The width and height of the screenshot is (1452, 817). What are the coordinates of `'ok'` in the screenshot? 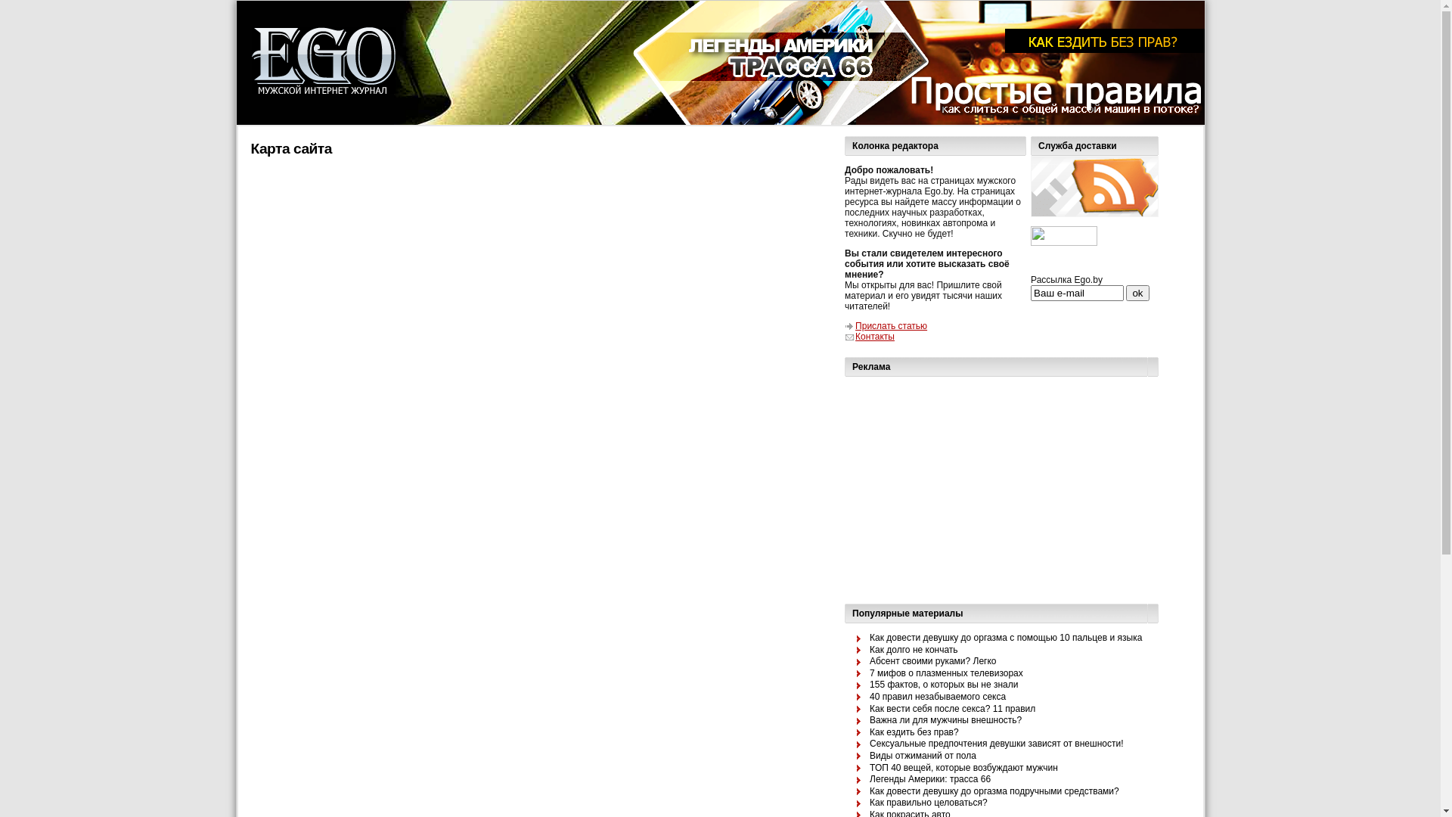 It's located at (1125, 293).